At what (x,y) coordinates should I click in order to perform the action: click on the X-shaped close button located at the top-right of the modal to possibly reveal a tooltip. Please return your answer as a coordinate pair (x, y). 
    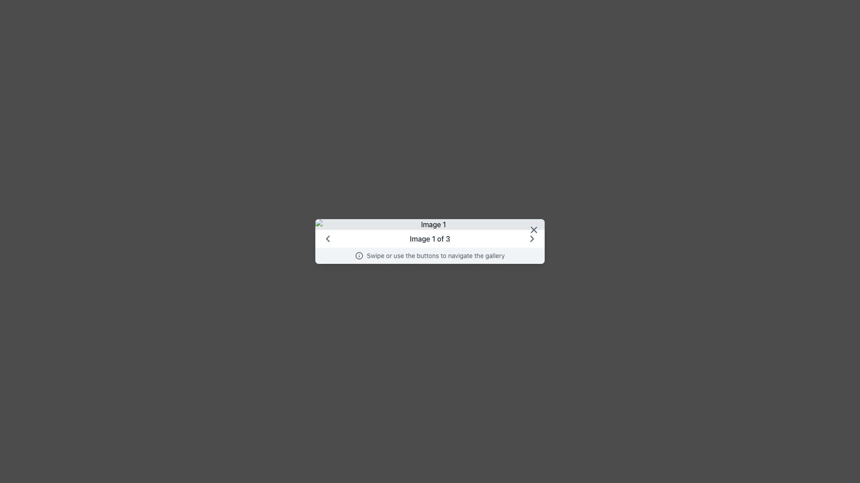
    Looking at the image, I should click on (533, 229).